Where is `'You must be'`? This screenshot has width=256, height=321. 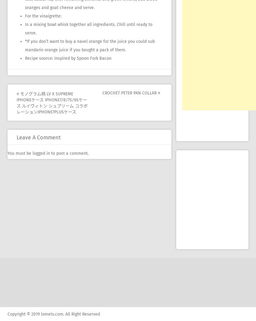 'You must be' is located at coordinates (20, 153).